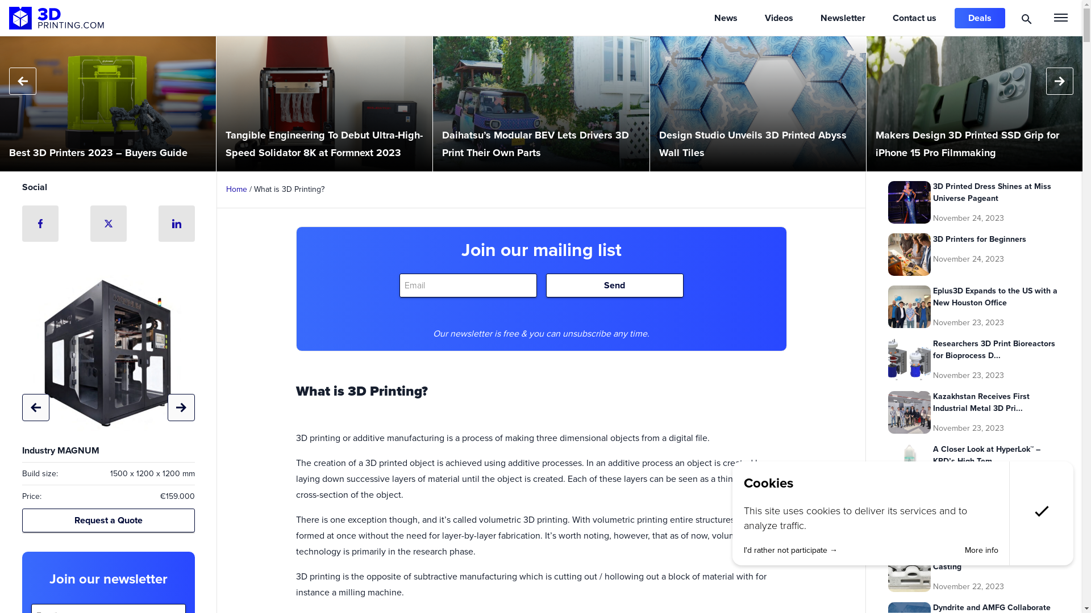  I want to click on 'Request a Quote', so click(108, 520).